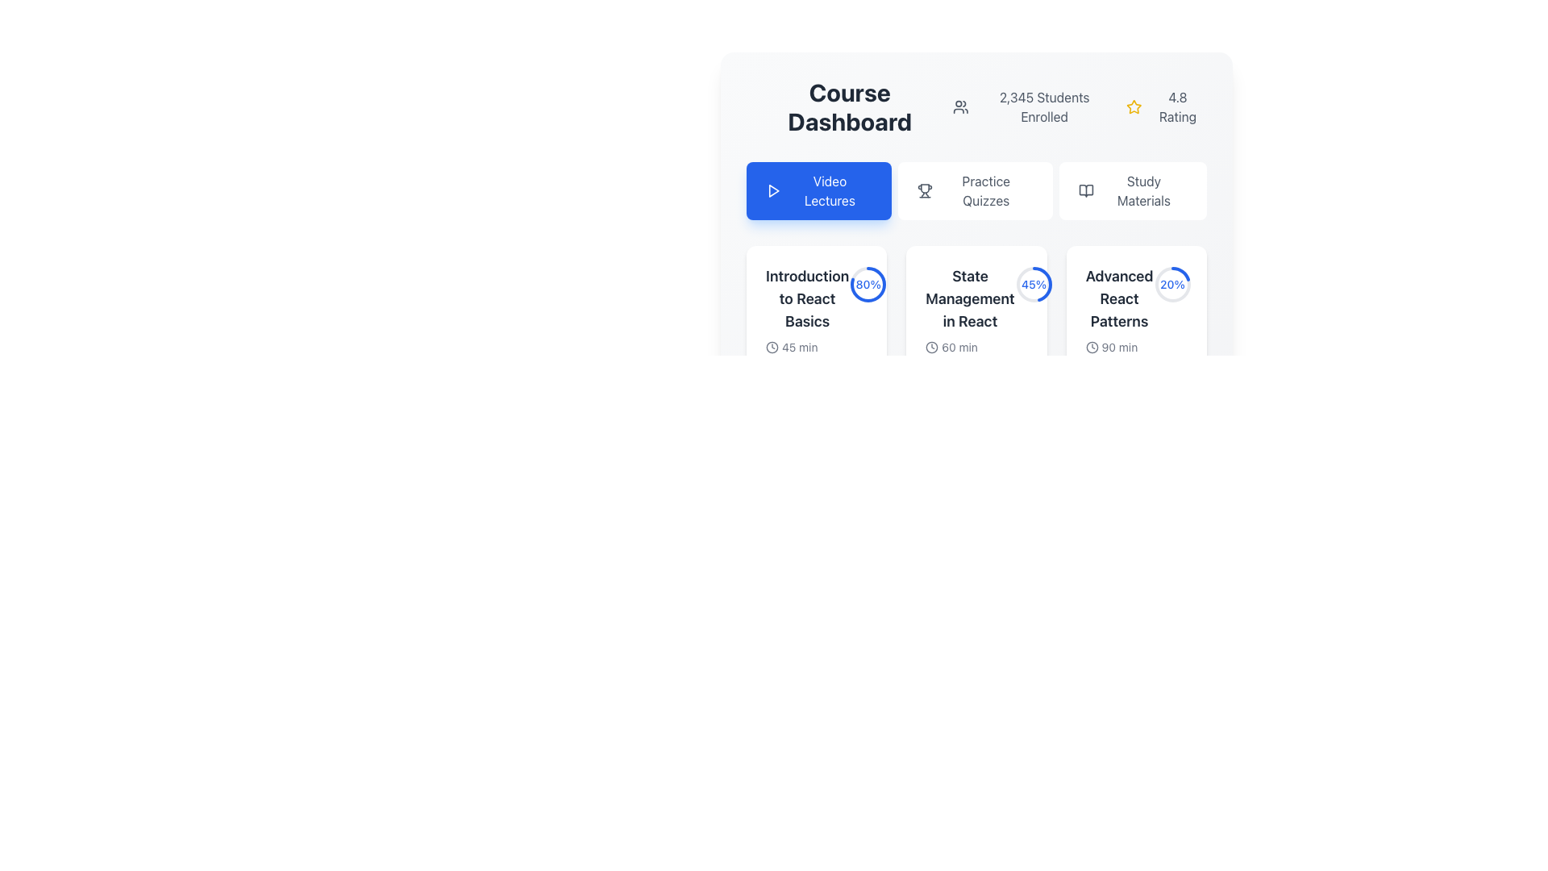  What do you see at coordinates (817, 347) in the screenshot?
I see `the first course card in the course dashboard` at bounding box center [817, 347].